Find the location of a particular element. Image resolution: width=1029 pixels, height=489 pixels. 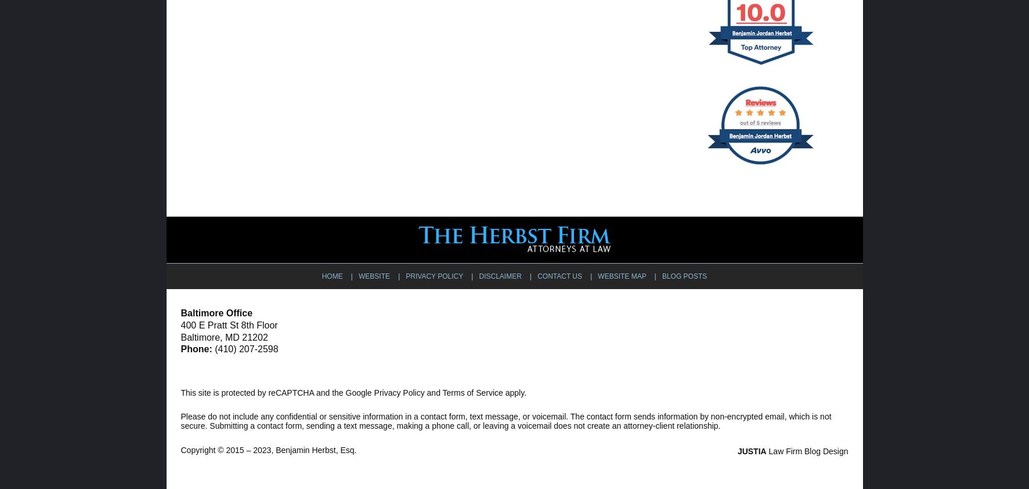

'Disclaimer' is located at coordinates (499, 275).